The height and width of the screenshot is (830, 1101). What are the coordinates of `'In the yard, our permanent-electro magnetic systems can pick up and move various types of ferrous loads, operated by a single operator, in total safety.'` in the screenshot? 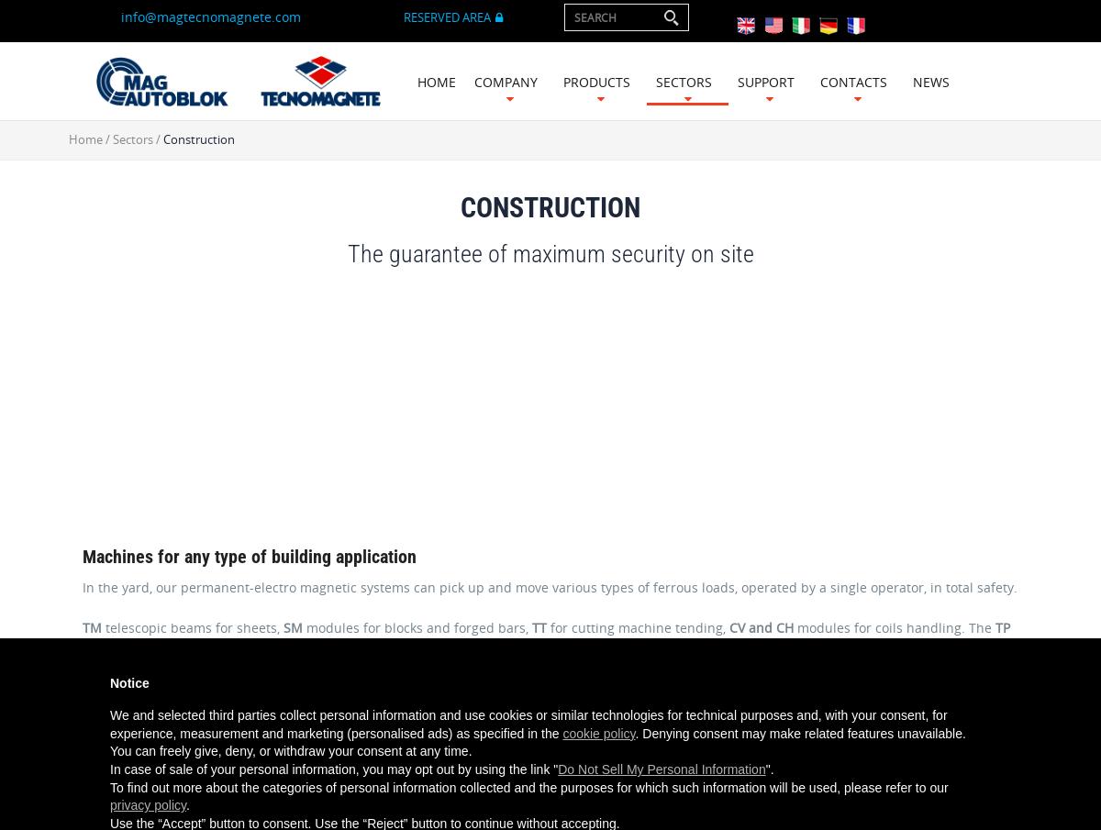 It's located at (549, 586).